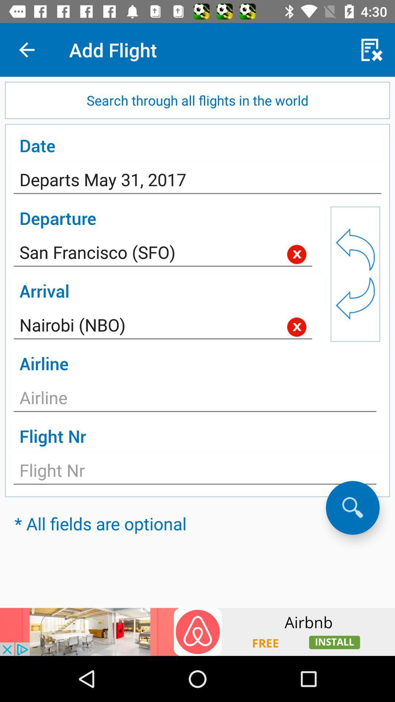  What do you see at coordinates (195, 399) in the screenshot?
I see `the airline details` at bounding box center [195, 399].